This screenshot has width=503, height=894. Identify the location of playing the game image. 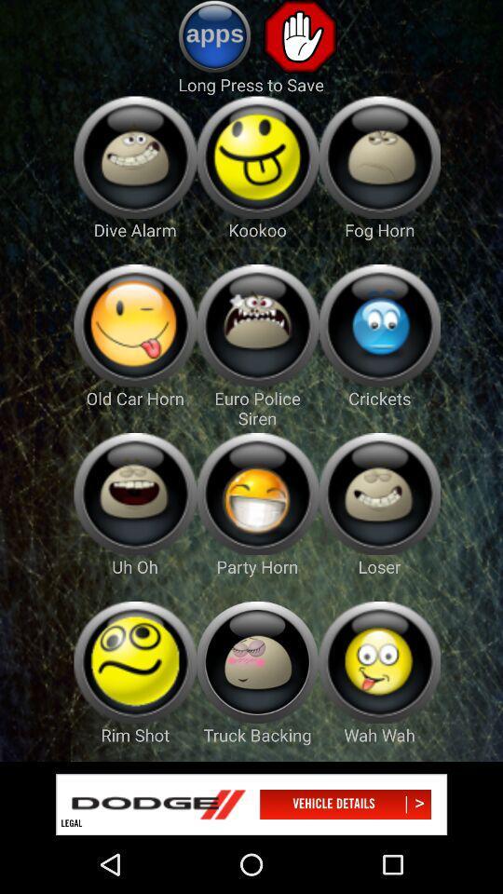
(256, 493).